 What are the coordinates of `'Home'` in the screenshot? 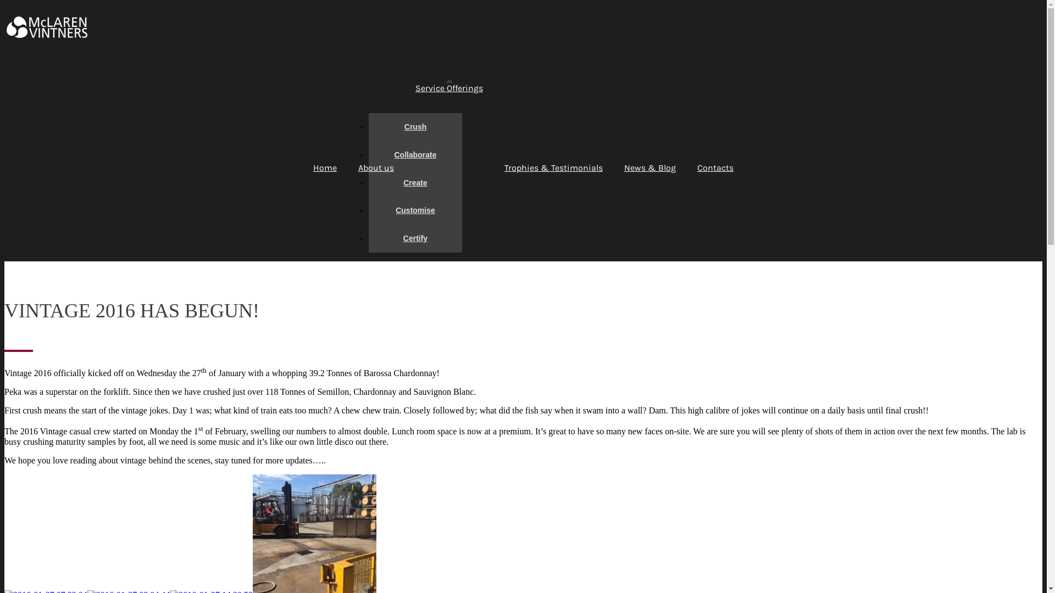 It's located at (324, 167).